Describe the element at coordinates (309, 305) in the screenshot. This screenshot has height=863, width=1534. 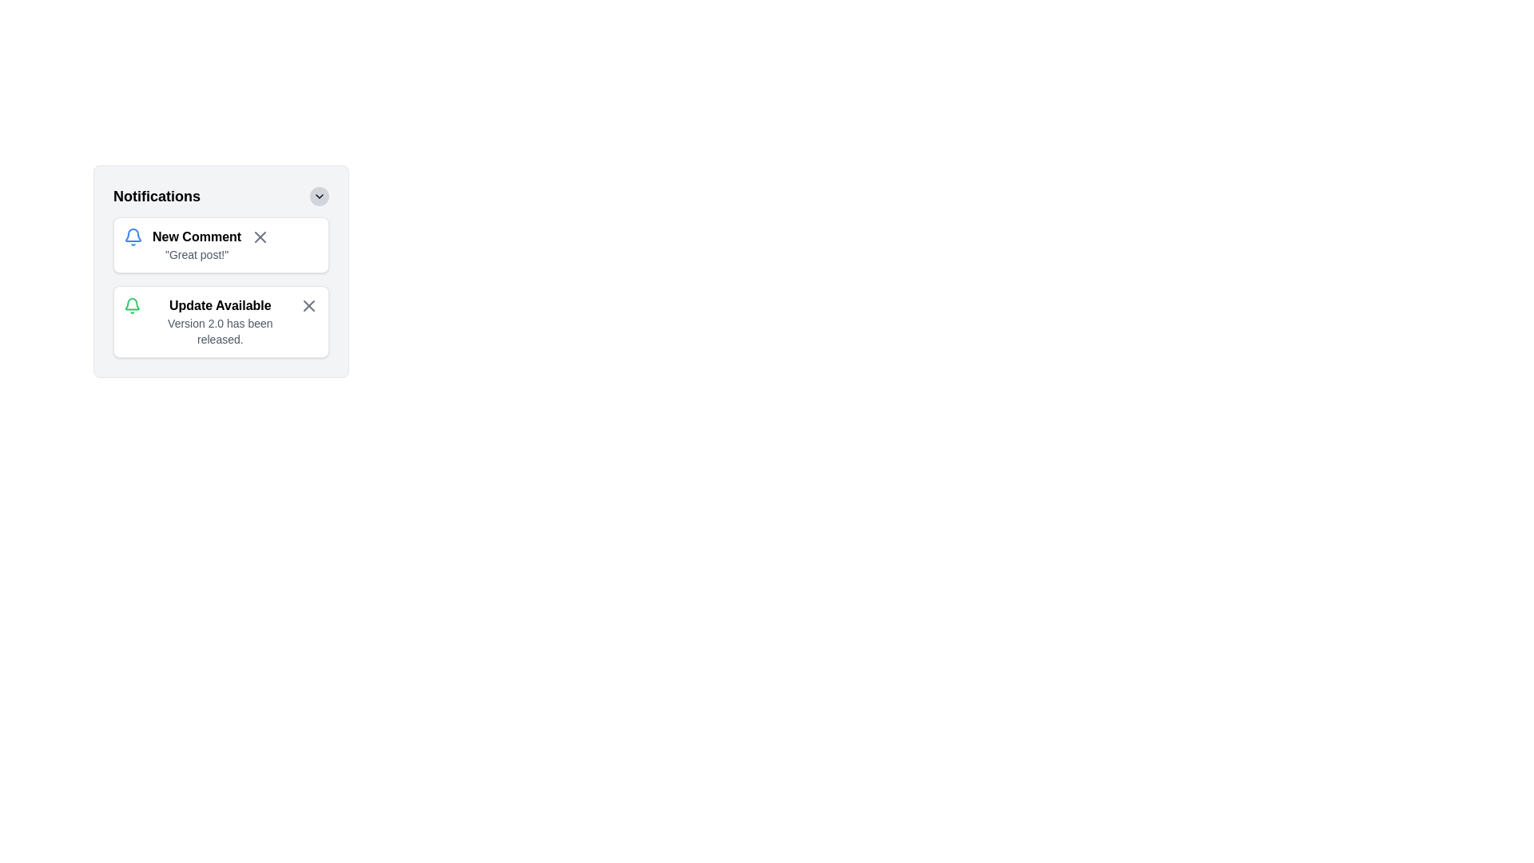
I see `the close button within the second notification entry under the 'Notifications' header, specifically the 'X' close icon in the 'Update Available' section` at that location.